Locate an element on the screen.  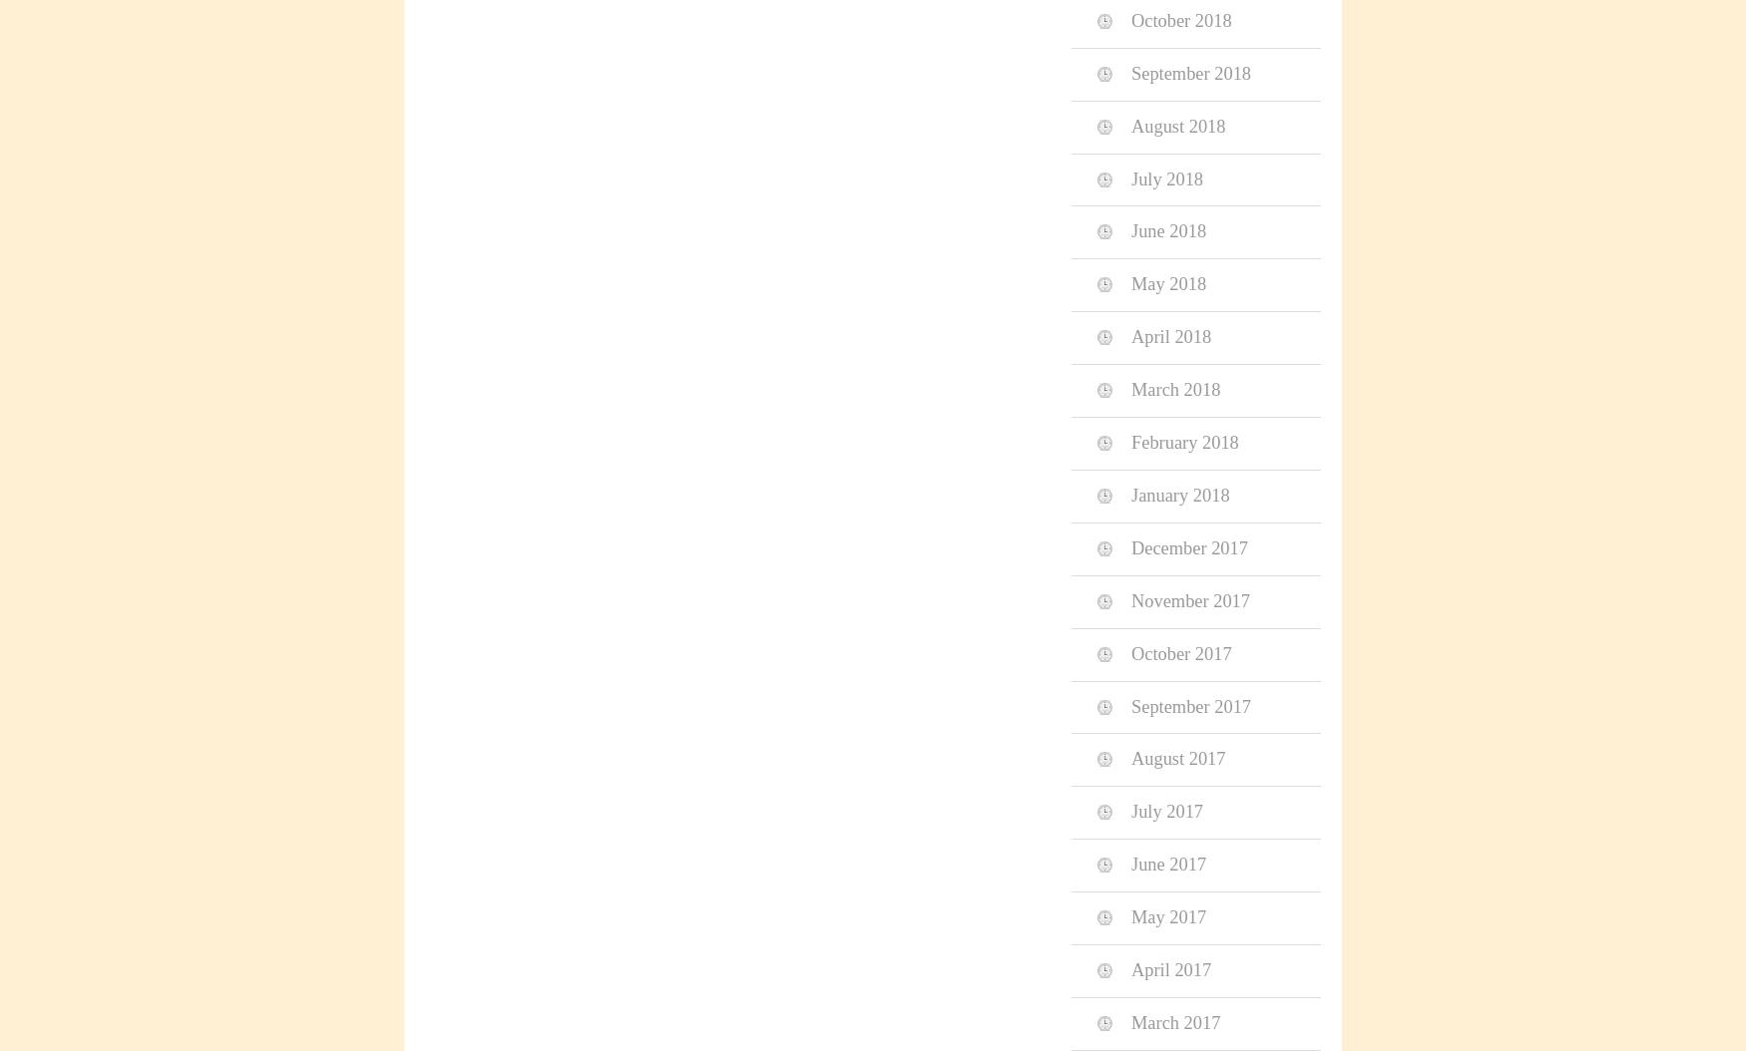
'January 2018' is located at coordinates (1179, 494).